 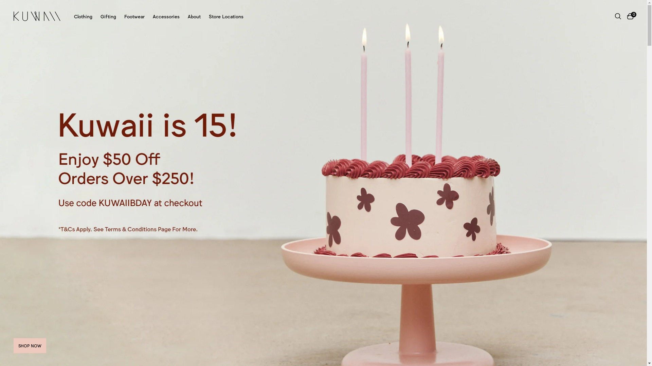 What do you see at coordinates (208, 16) in the screenshot?
I see `'Store Locations'` at bounding box center [208, 16].